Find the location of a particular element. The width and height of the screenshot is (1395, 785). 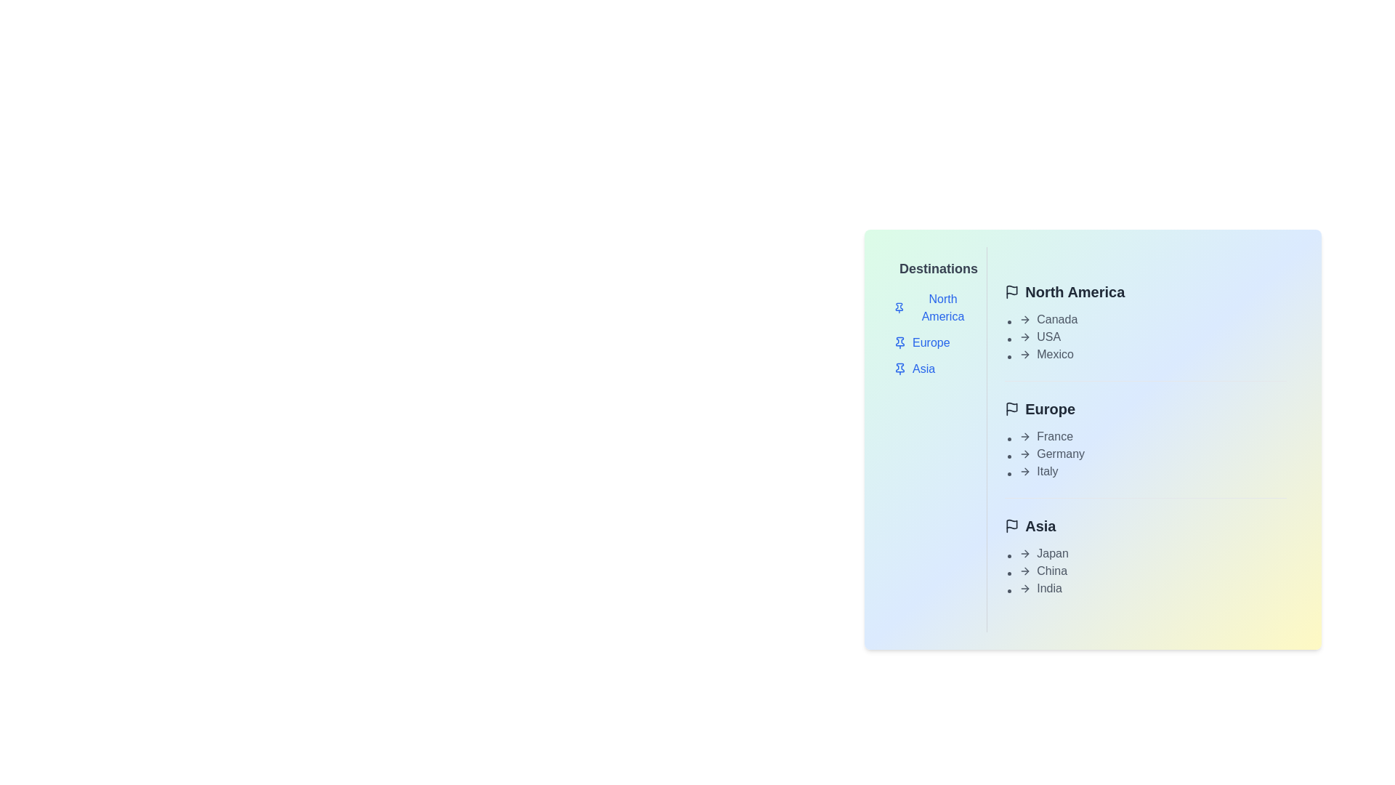

the North America icon, which serves as a visual identifier for the North America section, positioned to the left of the text 'North America' is located at coordinates (1011, 291).